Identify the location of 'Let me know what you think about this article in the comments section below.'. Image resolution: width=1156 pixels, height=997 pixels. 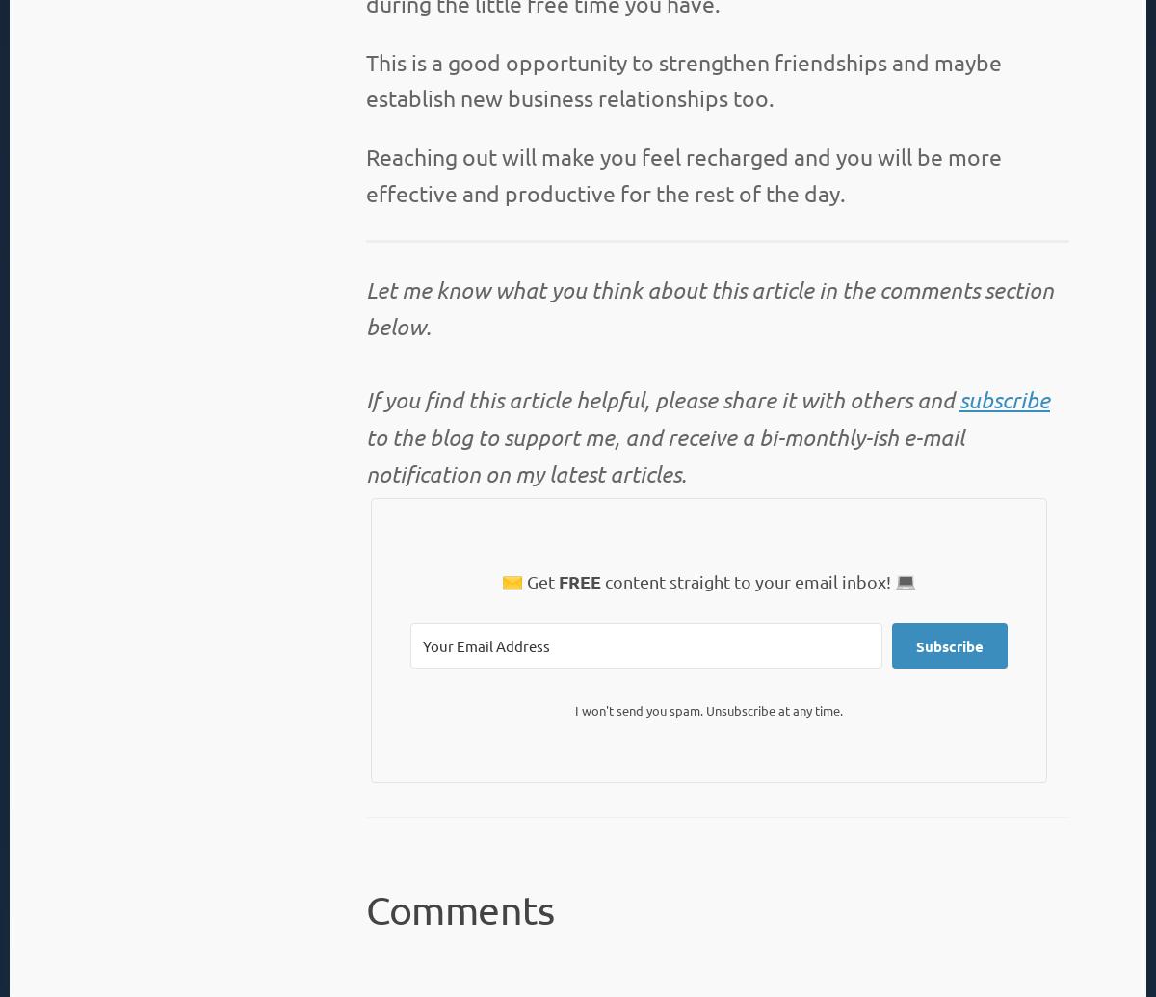
(366, 308).